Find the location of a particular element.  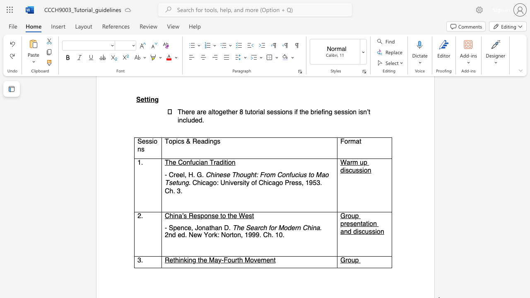

the 1th character "d" in the text is located at coordinates (342, 170).